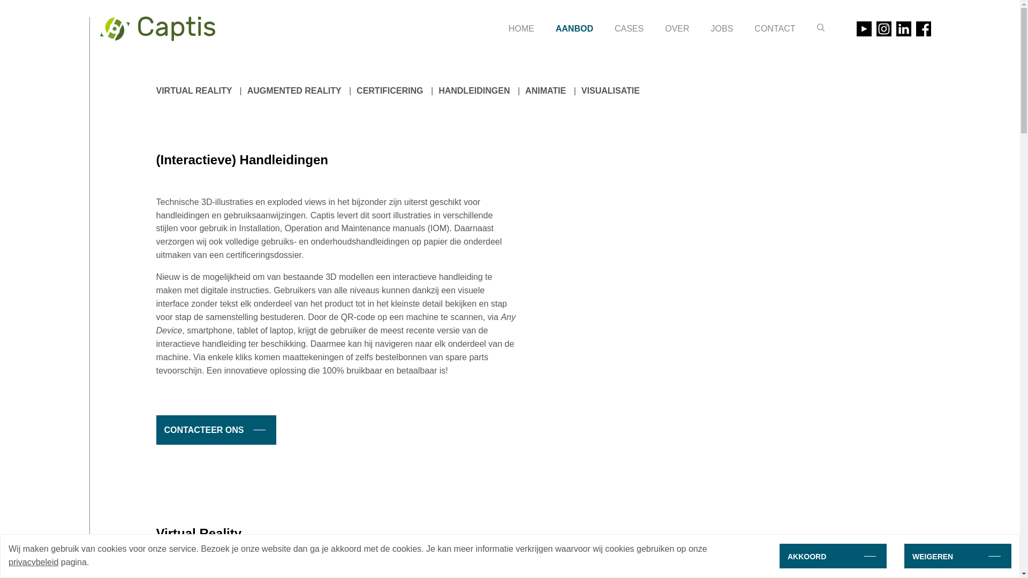  Describe the element at coordinates (904, 555) in the screenshot. I see `'WEIGEREN'` at that location.